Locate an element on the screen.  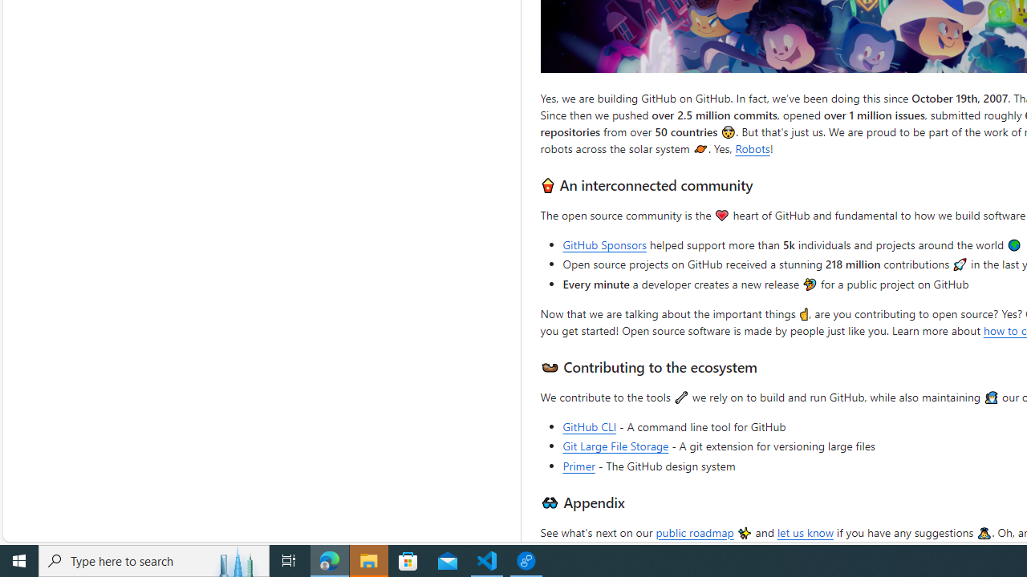
'GitHub CLI' is located at coordinates (589, 426).